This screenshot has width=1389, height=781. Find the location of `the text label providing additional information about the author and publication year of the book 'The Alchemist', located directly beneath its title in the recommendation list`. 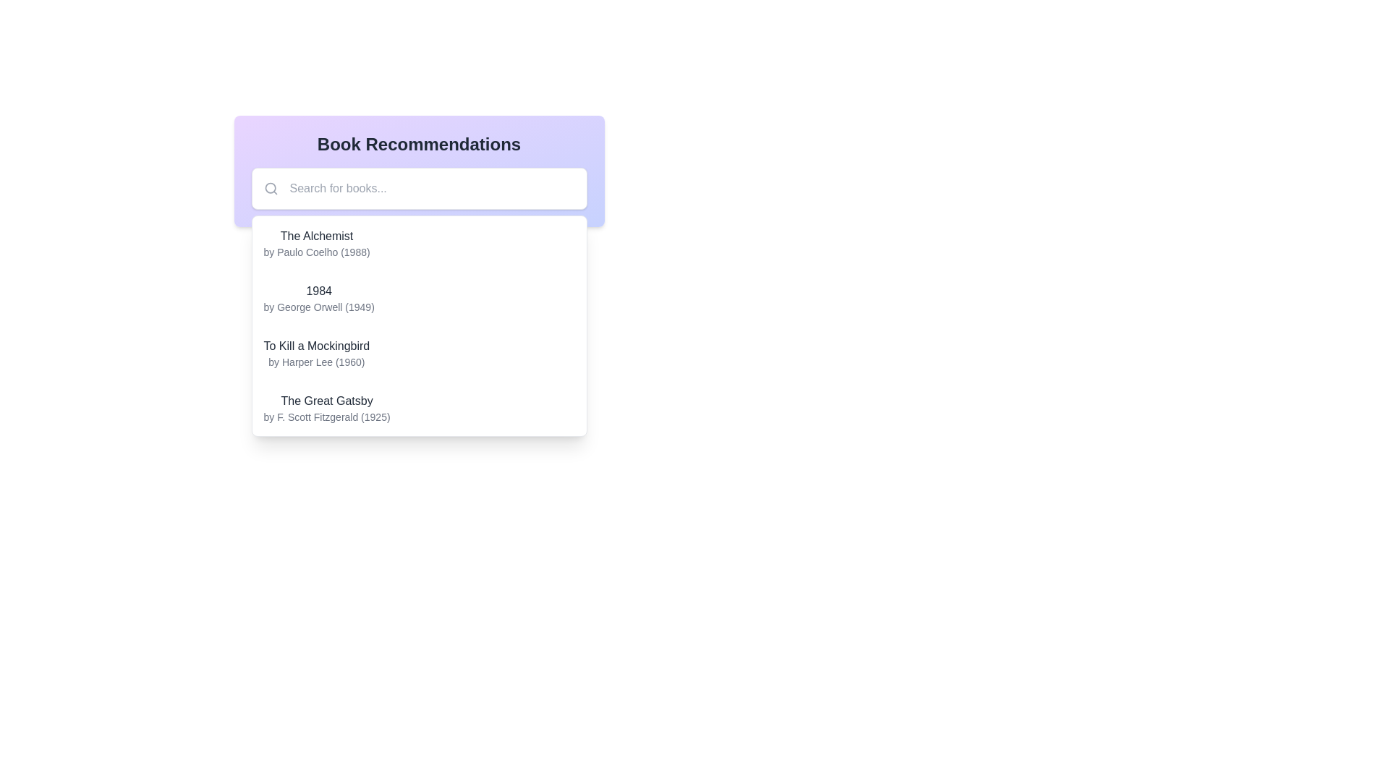

the text label providing additional information about the author and publication year of the book 'The Alchemist', located directly beneath its title in the recommendation list is located at coordinates (316, 251).